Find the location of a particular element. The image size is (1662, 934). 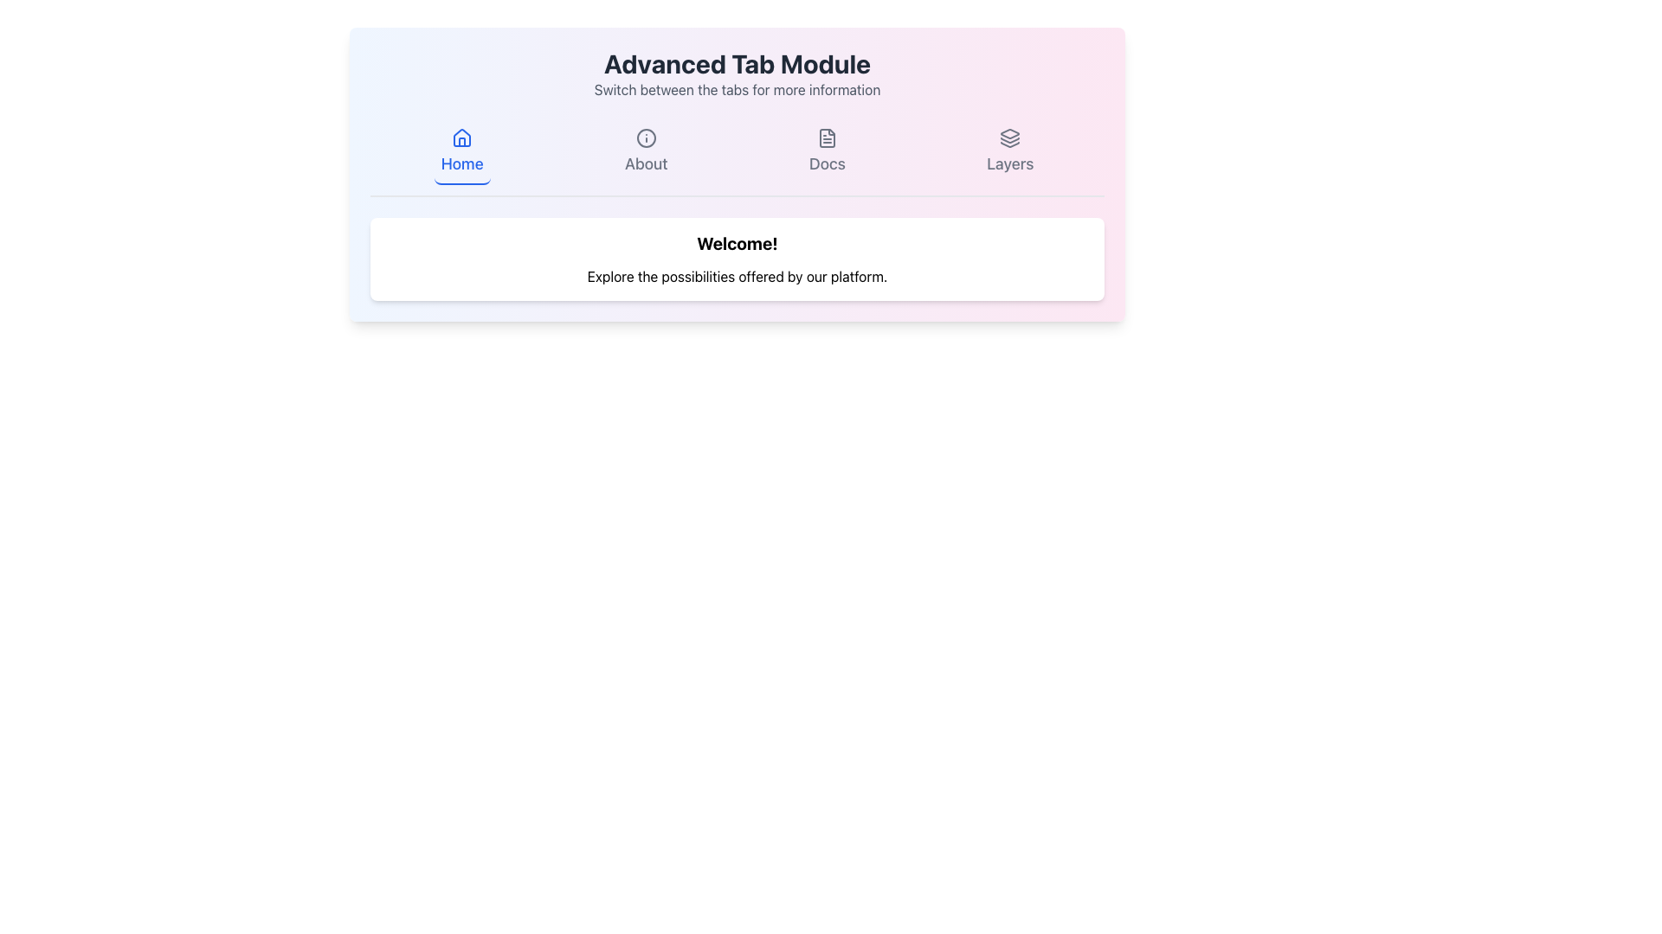

the 'Docs' text label, which is a medium gray colored tab located centrally in the navigation section beneath 'Advanced Tab Module' is located at coordinates (826, 163).